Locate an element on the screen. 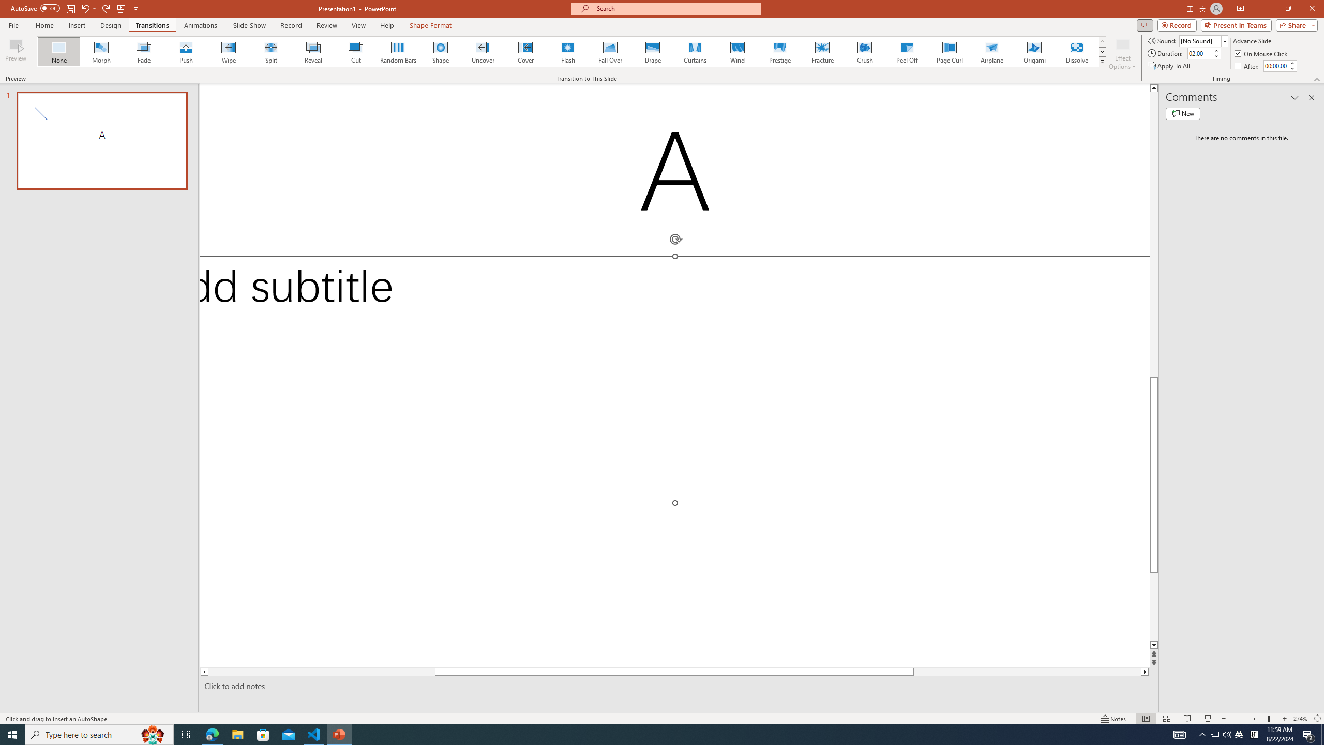 This screenshot has height=745, width=1324. 'Dissolve' is located at coordinates (1076, 51).